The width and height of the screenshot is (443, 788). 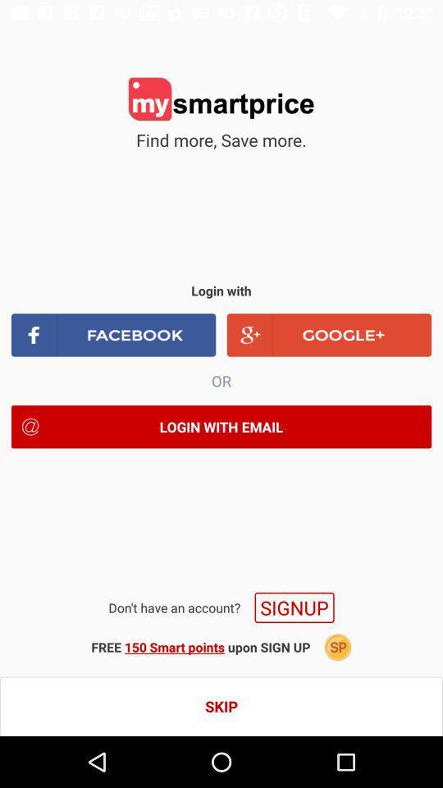 I want to click on the free 150 smart icon, so click(x=200, y=647).